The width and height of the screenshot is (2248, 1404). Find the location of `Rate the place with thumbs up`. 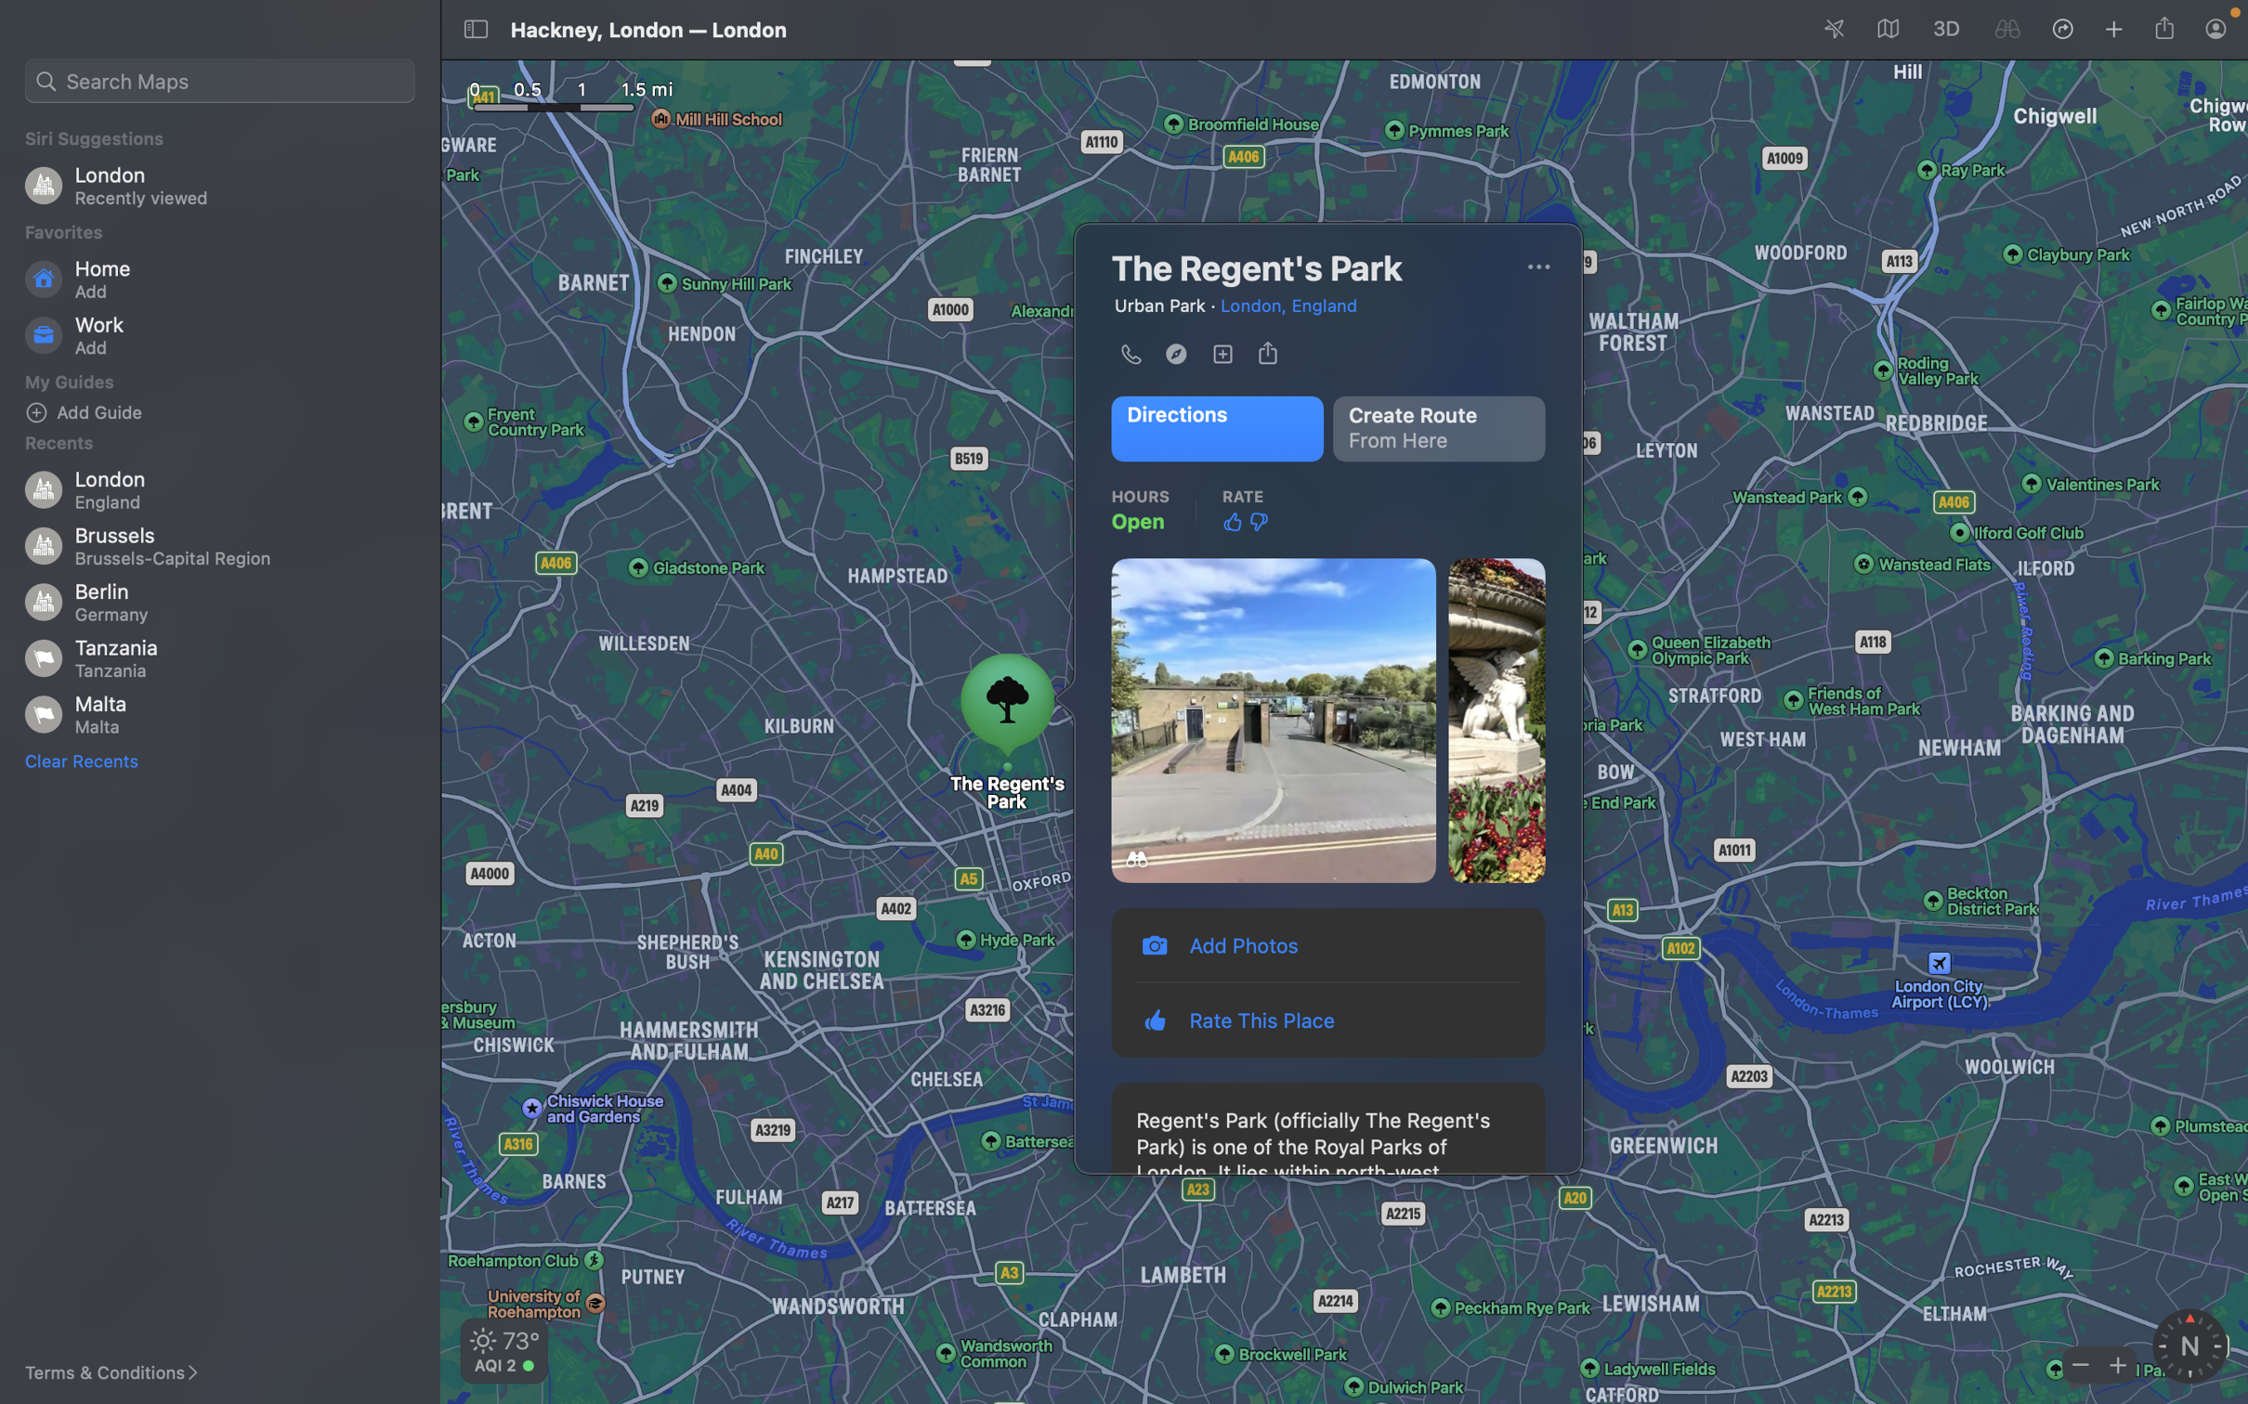

Rate the place with thumbs up is located at coordinates (1232, 521).